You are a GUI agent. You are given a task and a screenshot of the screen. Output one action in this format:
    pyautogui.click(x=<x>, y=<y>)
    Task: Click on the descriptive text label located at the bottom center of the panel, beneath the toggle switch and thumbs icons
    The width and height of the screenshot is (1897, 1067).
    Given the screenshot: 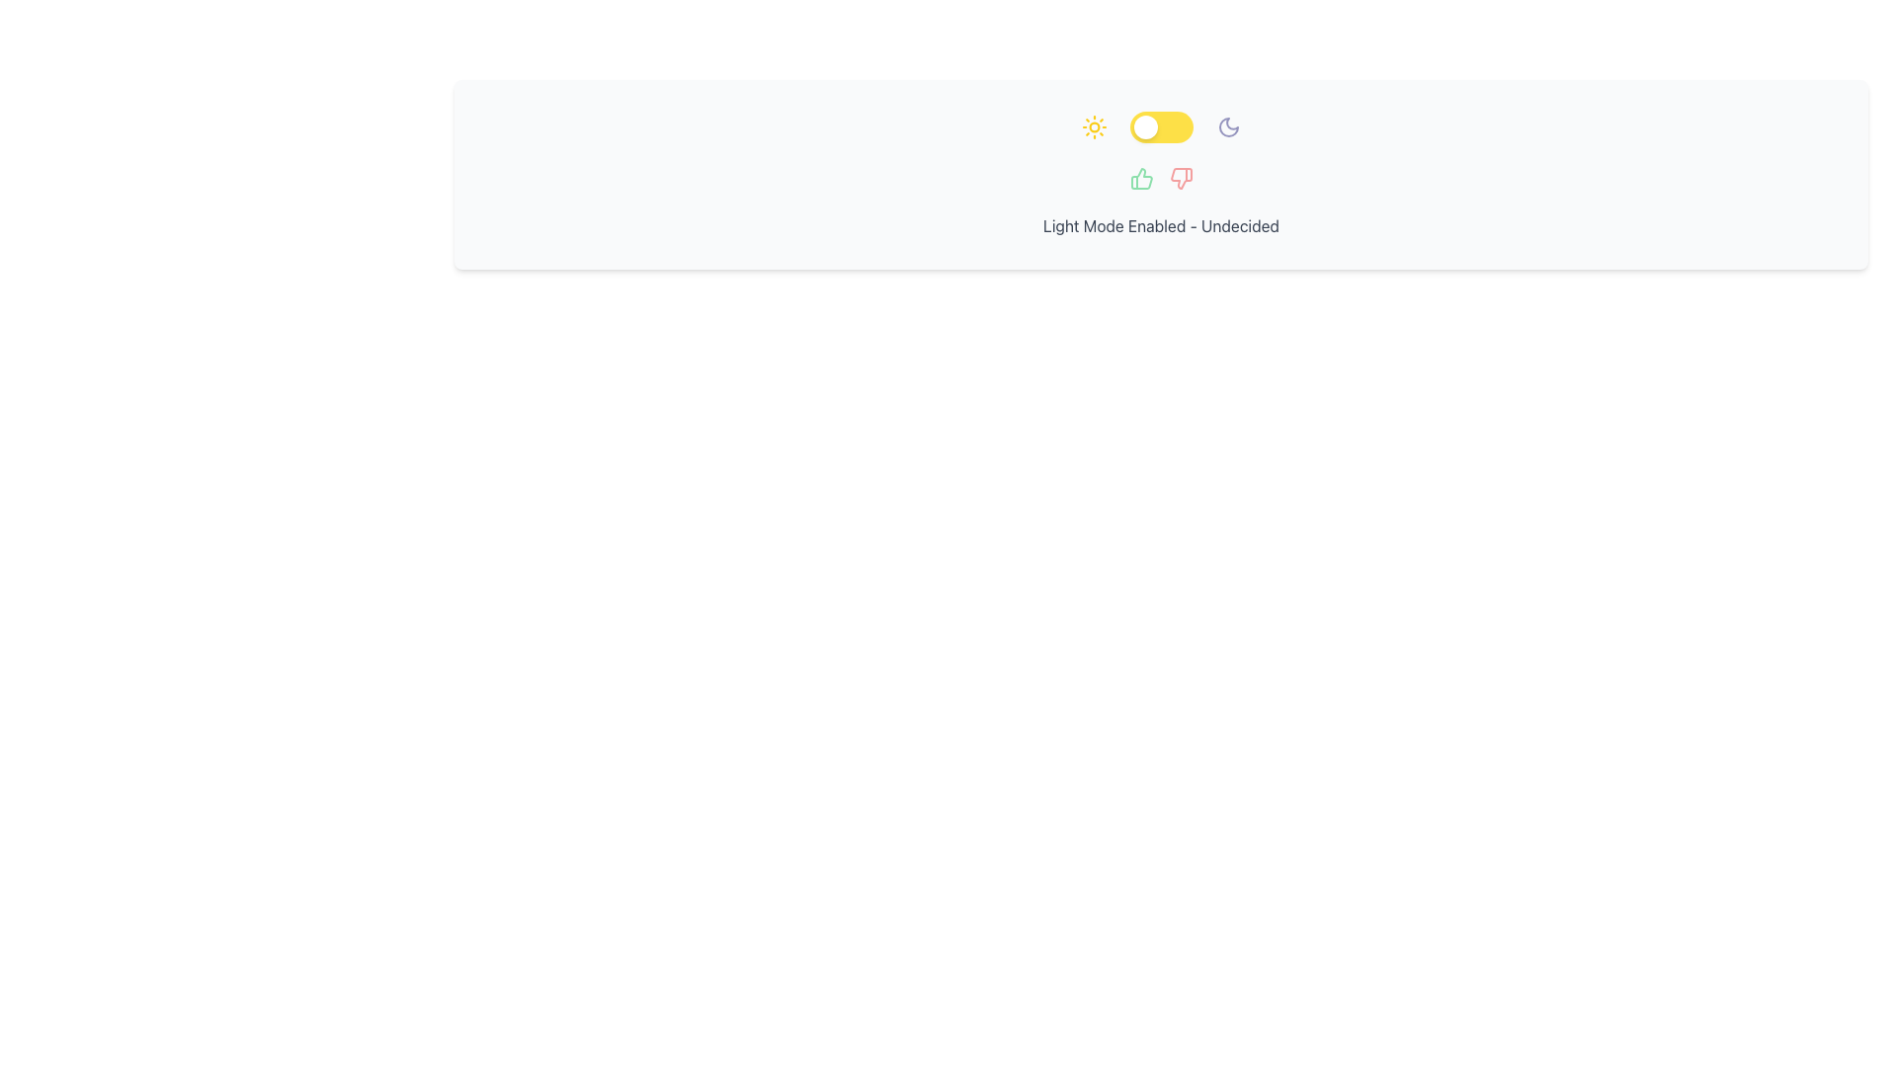 What is the action you would take?
    pyautogui.click(x=1161, y=224)
    